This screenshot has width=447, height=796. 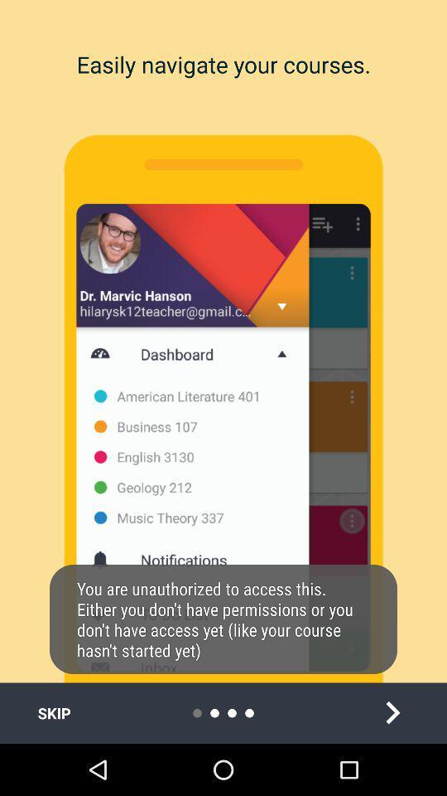 What do you see at coordinates (392, 712) in the screenshot?
I see `move on` at bounding box center [392, 712].